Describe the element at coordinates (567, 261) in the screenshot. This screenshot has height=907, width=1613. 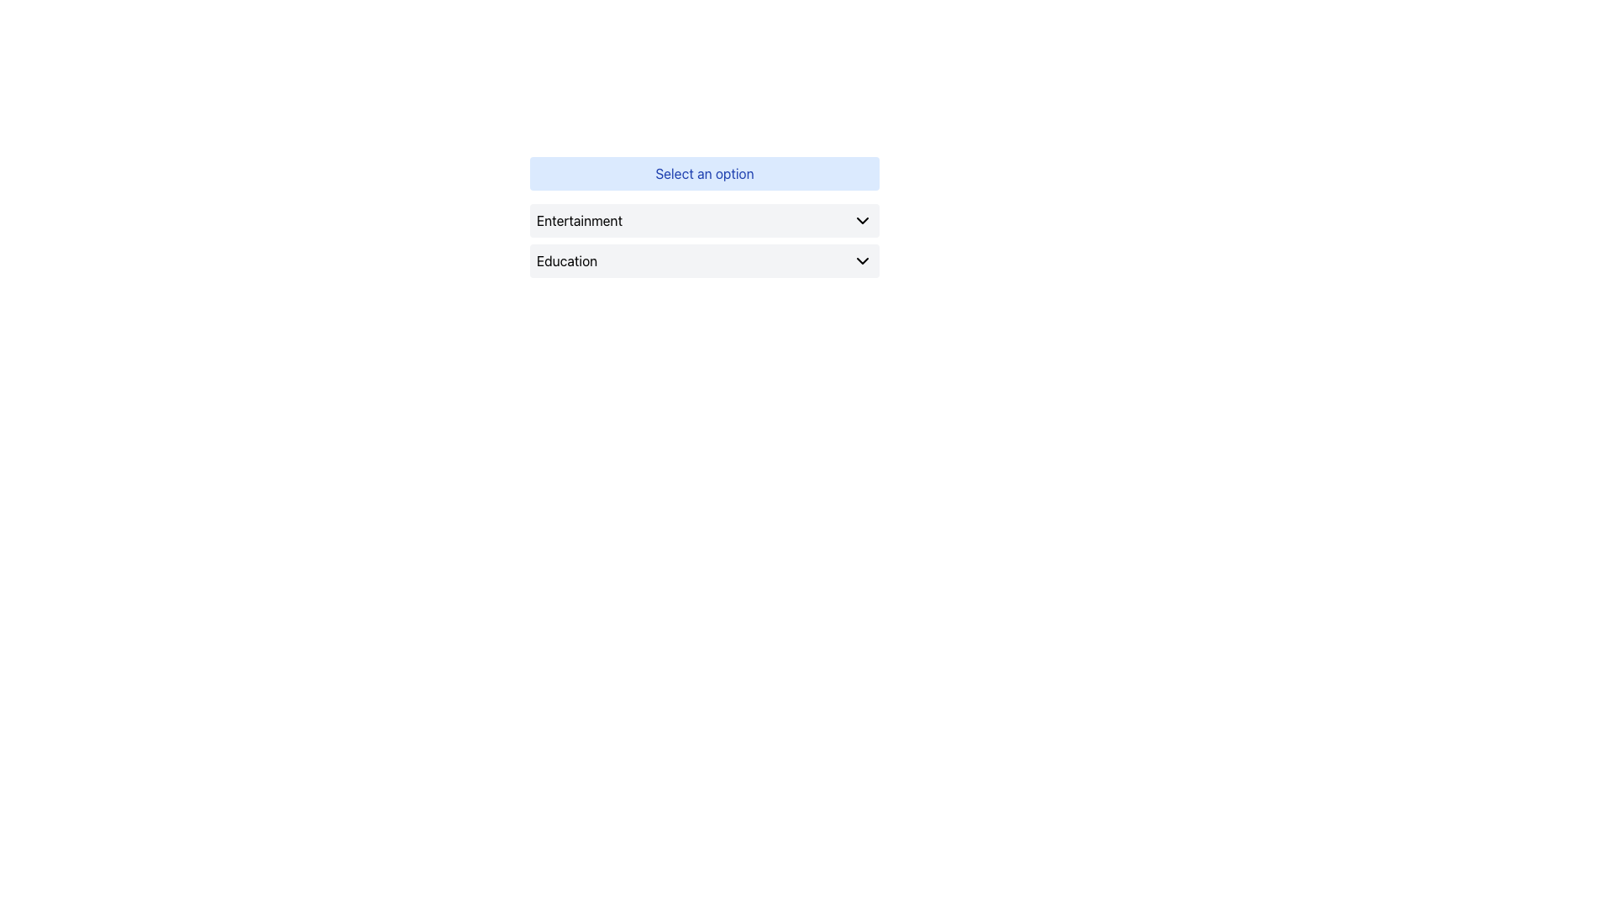
I see `the text label that serves as the title for a selectable category in the dropdown menu, located to the left side of the second button-like option below the 'Select an option' prompt` at that location.